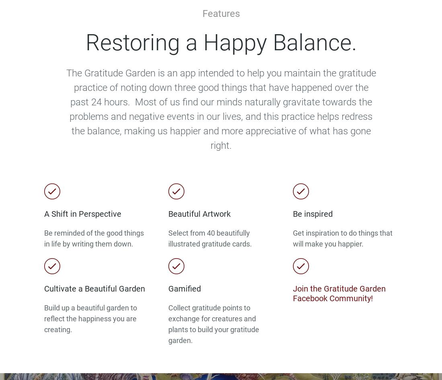 The image size is (442, 380). I want to click on 'Beautiful Artwork', so click(199, 214).